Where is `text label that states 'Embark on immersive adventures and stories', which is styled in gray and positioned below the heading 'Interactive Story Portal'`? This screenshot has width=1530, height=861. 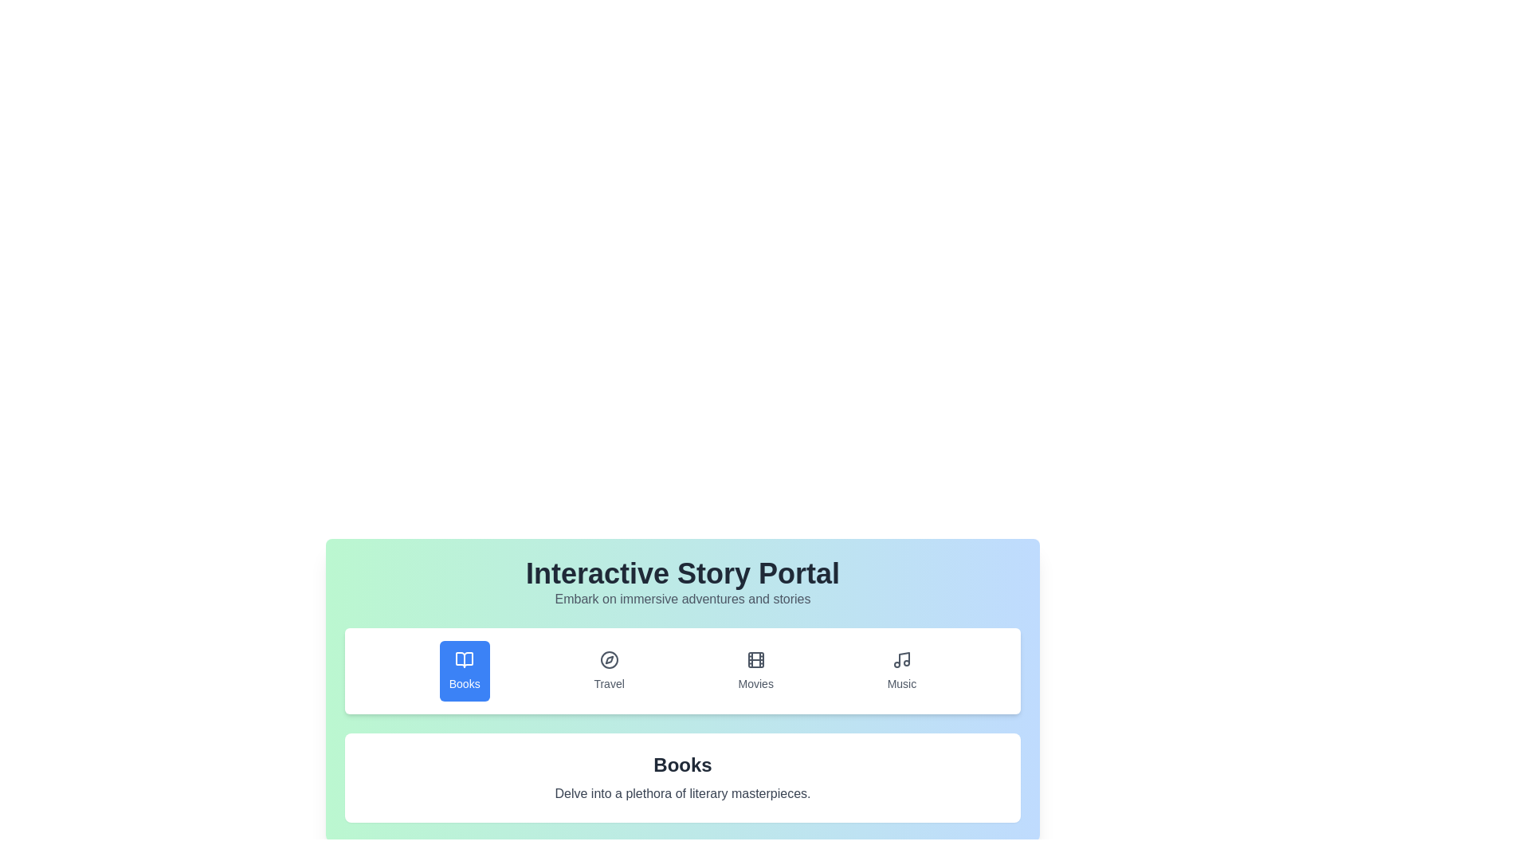
text label that states 'Embark on immersive adventures and stories', which is styled in gray and positioned below the heading 'Interactive Story Portal' is located at coordinates (683, 600).